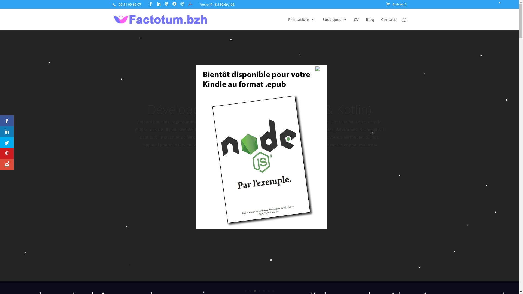 Image resolution: width=523 pixels, height=294 pixels. I want to click on 'Contact', so click(388, 24).